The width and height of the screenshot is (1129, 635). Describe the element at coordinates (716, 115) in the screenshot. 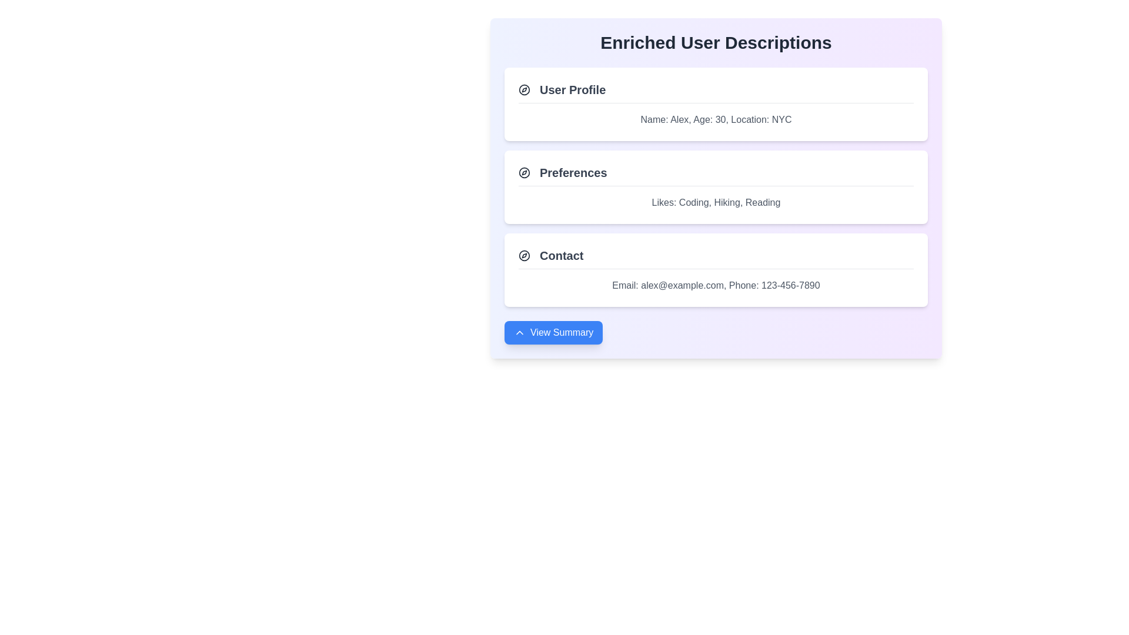

I see `the text display field that shows basic personal information, located below the 'User Profile' title` at that location.